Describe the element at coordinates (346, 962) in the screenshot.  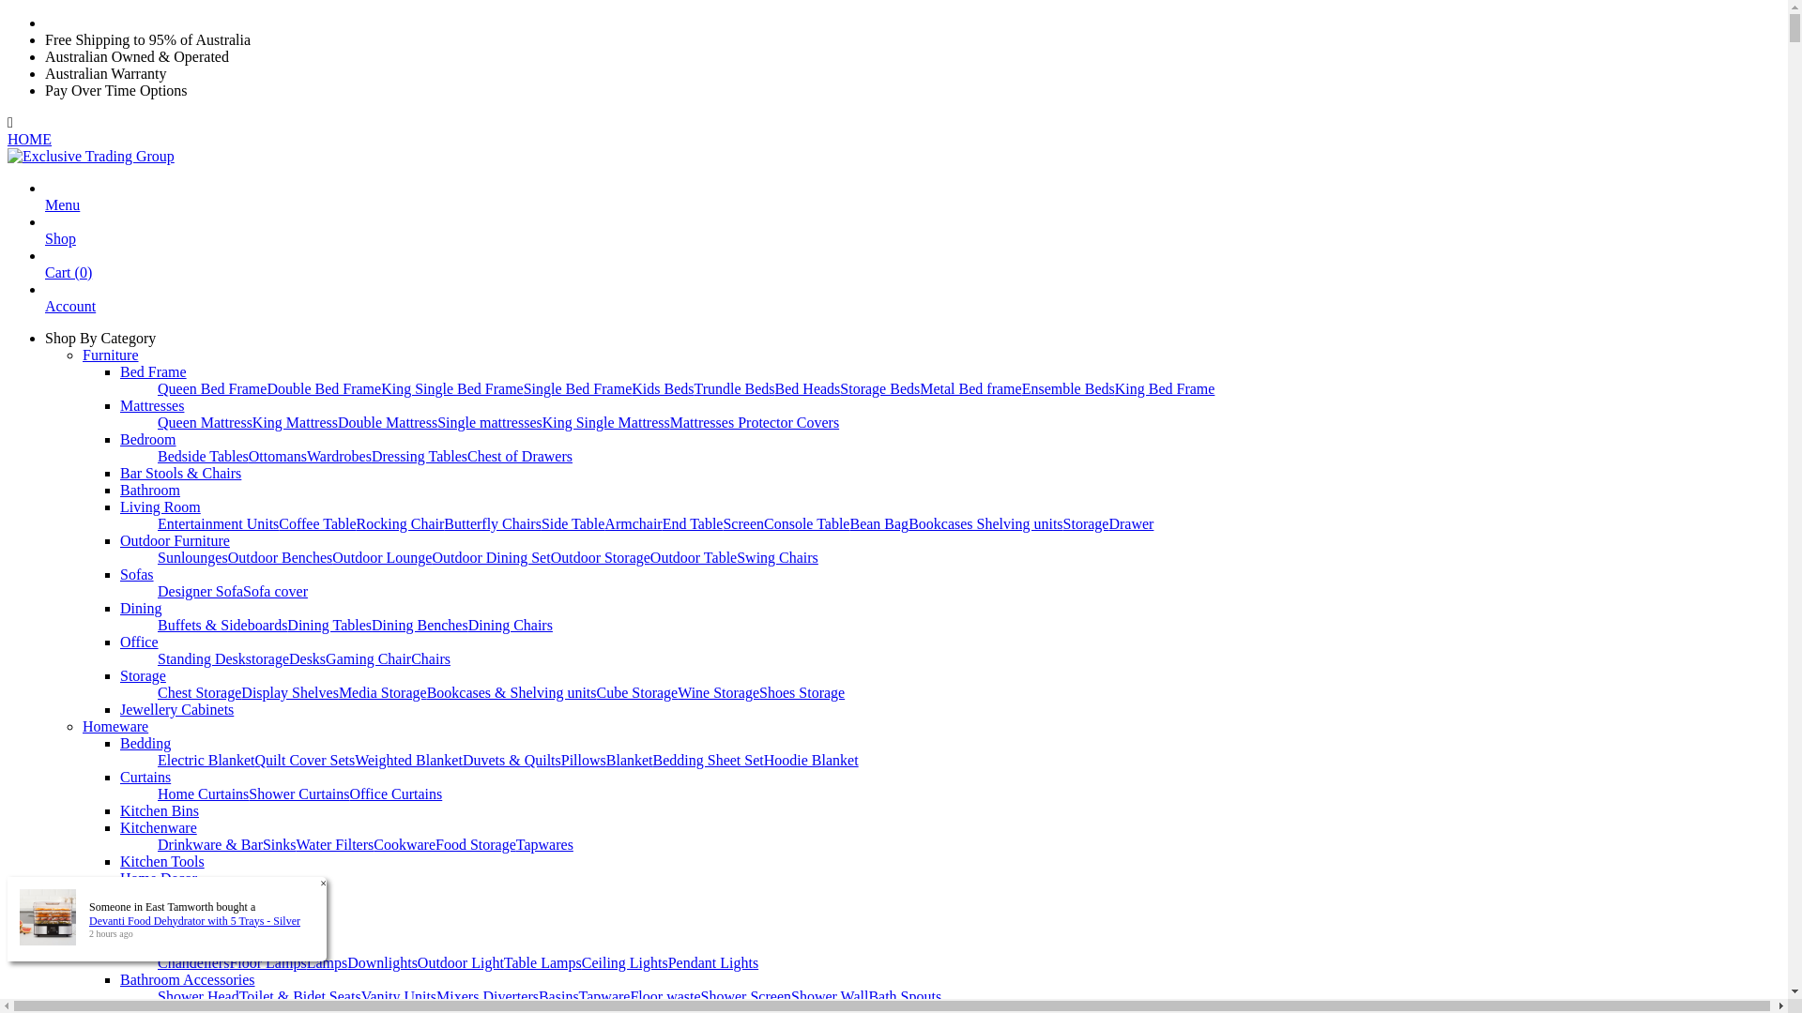
I see `'Downlights'` at that location.